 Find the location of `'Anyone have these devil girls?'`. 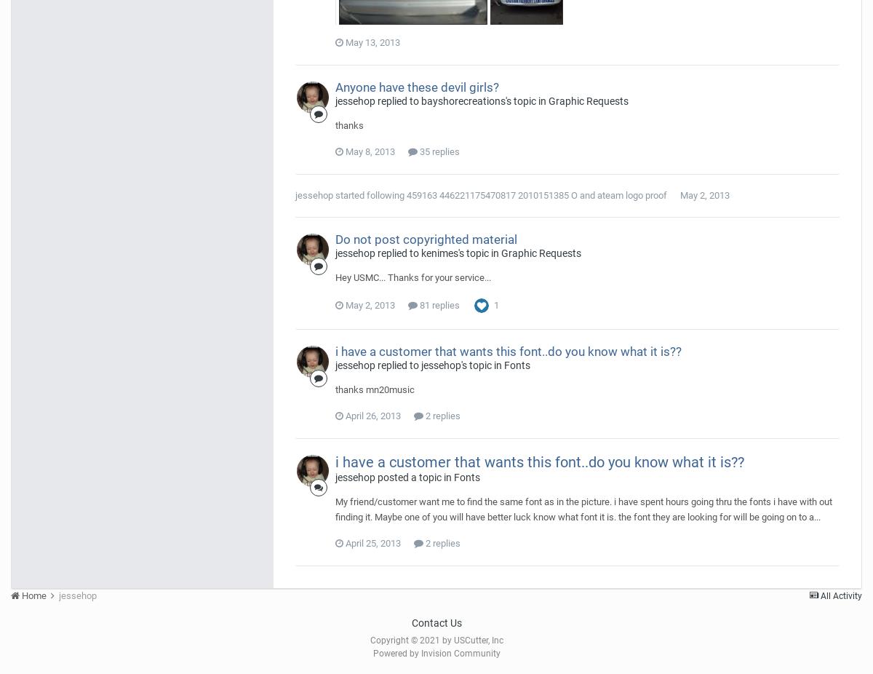

'Anyone have these devil girls?' is located at coordinates (416, 85).